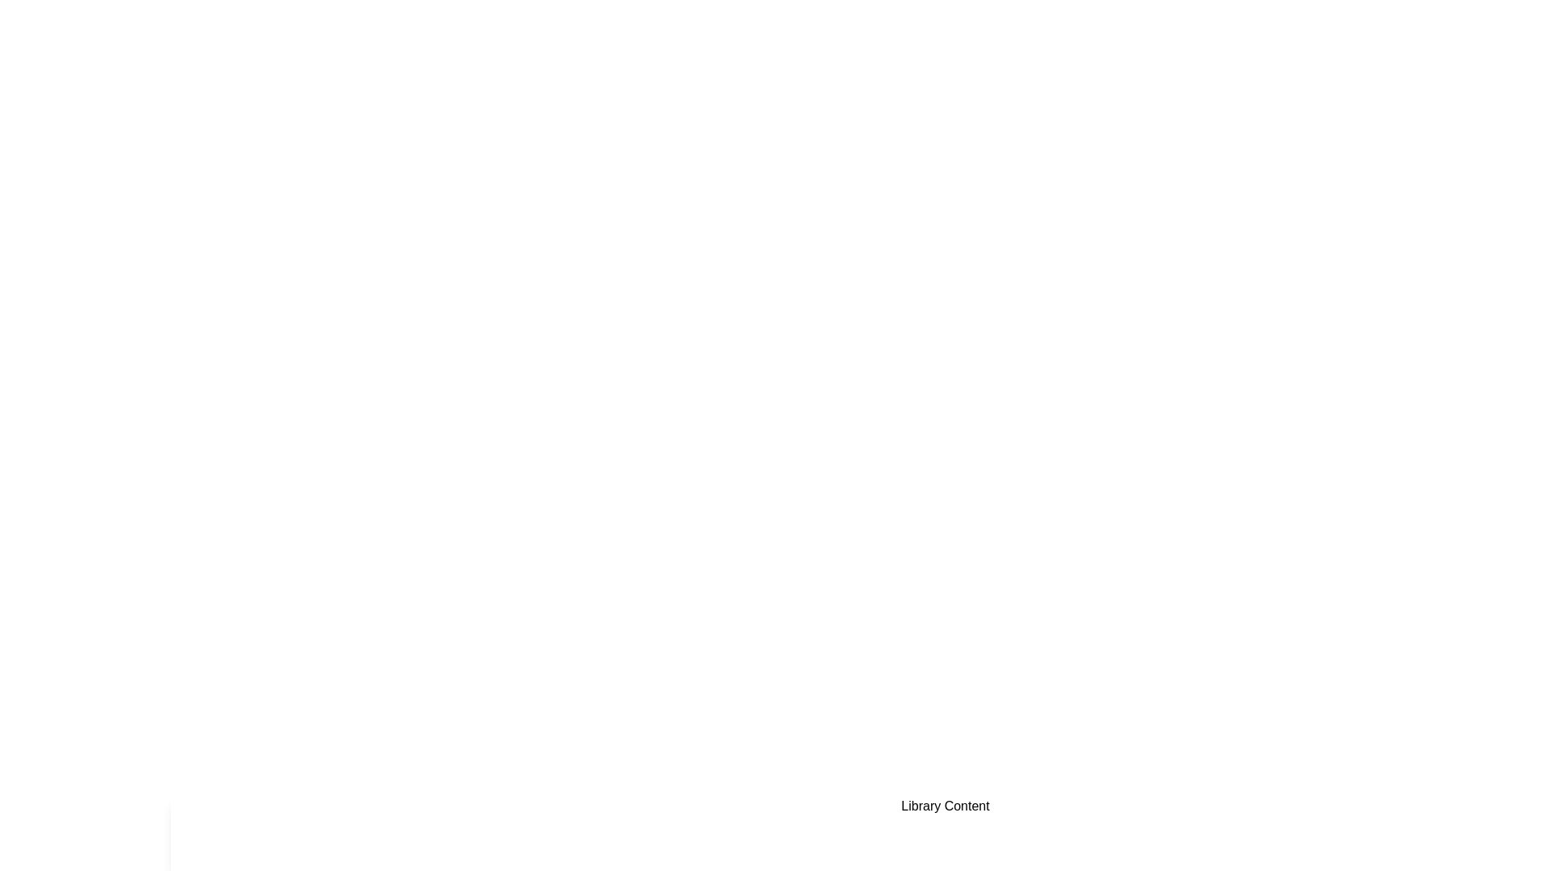 Image resolution: width=1549 pixels, height=871 pixels. I want to click on the Favorites tab by clicking on its button, so click(1257, 833).